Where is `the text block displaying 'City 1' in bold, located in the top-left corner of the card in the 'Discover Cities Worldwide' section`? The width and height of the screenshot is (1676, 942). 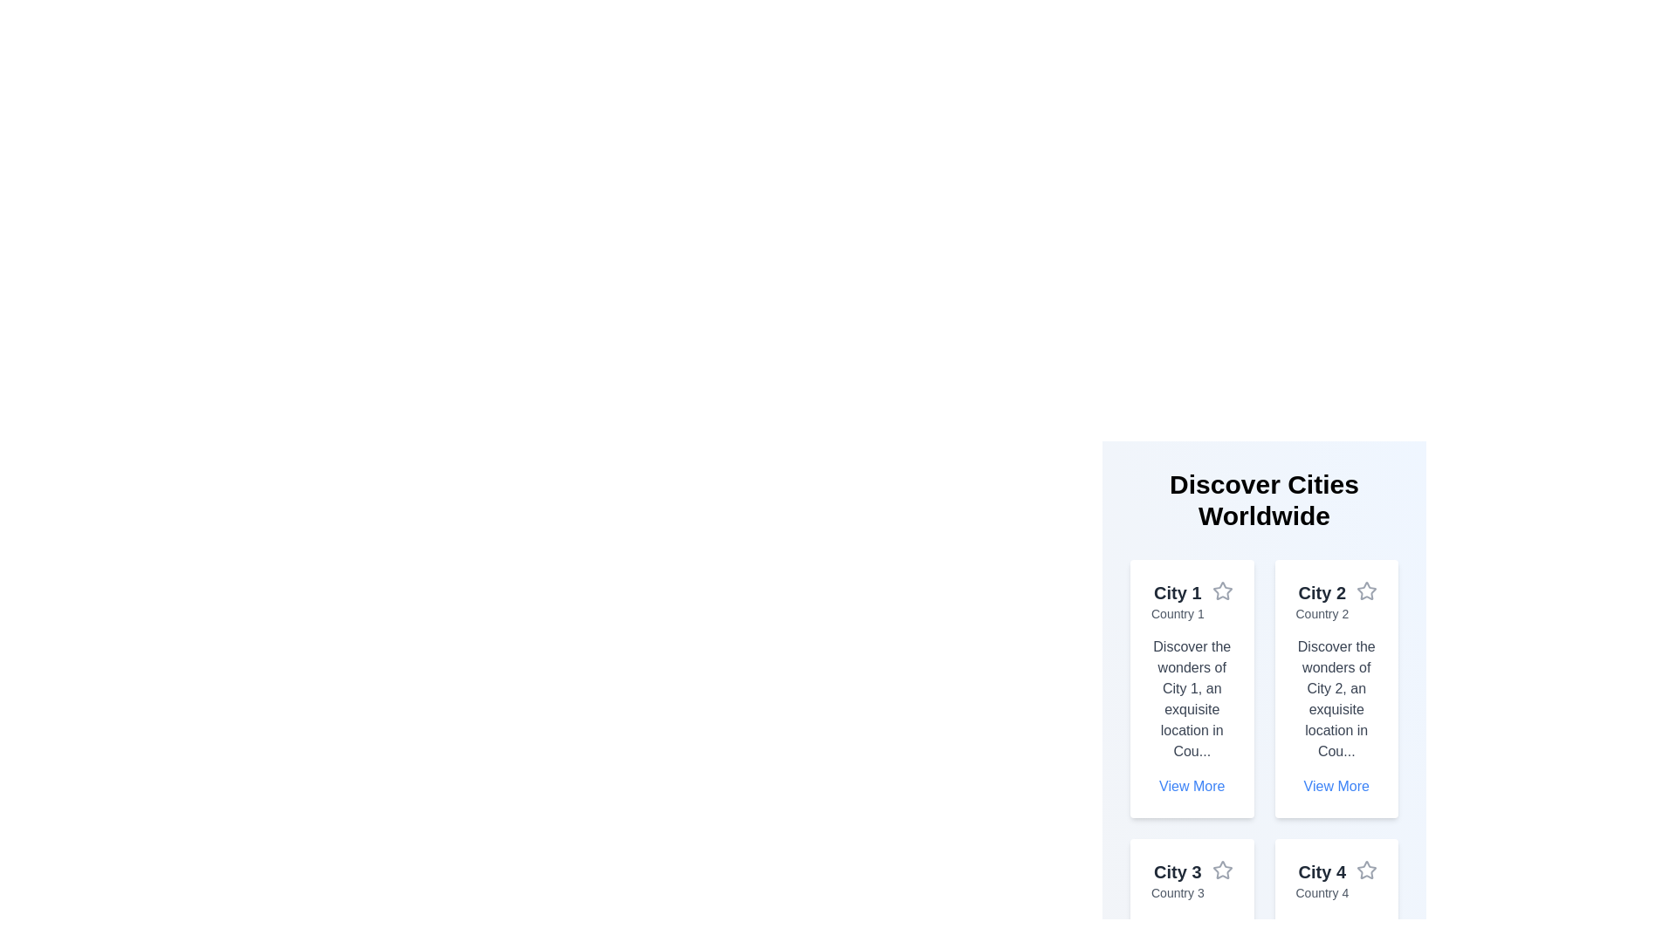
the text block displaying 'City 1' in bold, located in the top-left corner of the card in the 'Discover Cities Worldwide' section is located at coordinates (1191, 601).